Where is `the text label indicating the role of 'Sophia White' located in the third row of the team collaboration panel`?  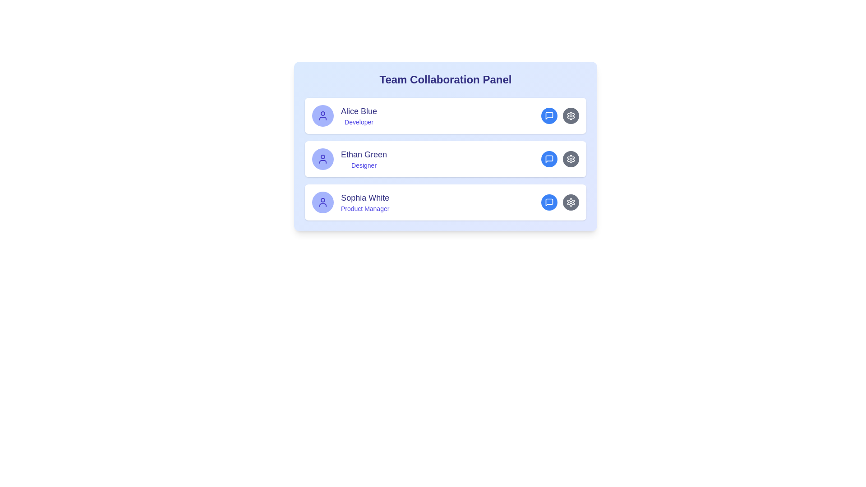
the text label indicating the role of 'Sophia White' located in the third row of the team collaboration panel is located at coordinates (365, 208).